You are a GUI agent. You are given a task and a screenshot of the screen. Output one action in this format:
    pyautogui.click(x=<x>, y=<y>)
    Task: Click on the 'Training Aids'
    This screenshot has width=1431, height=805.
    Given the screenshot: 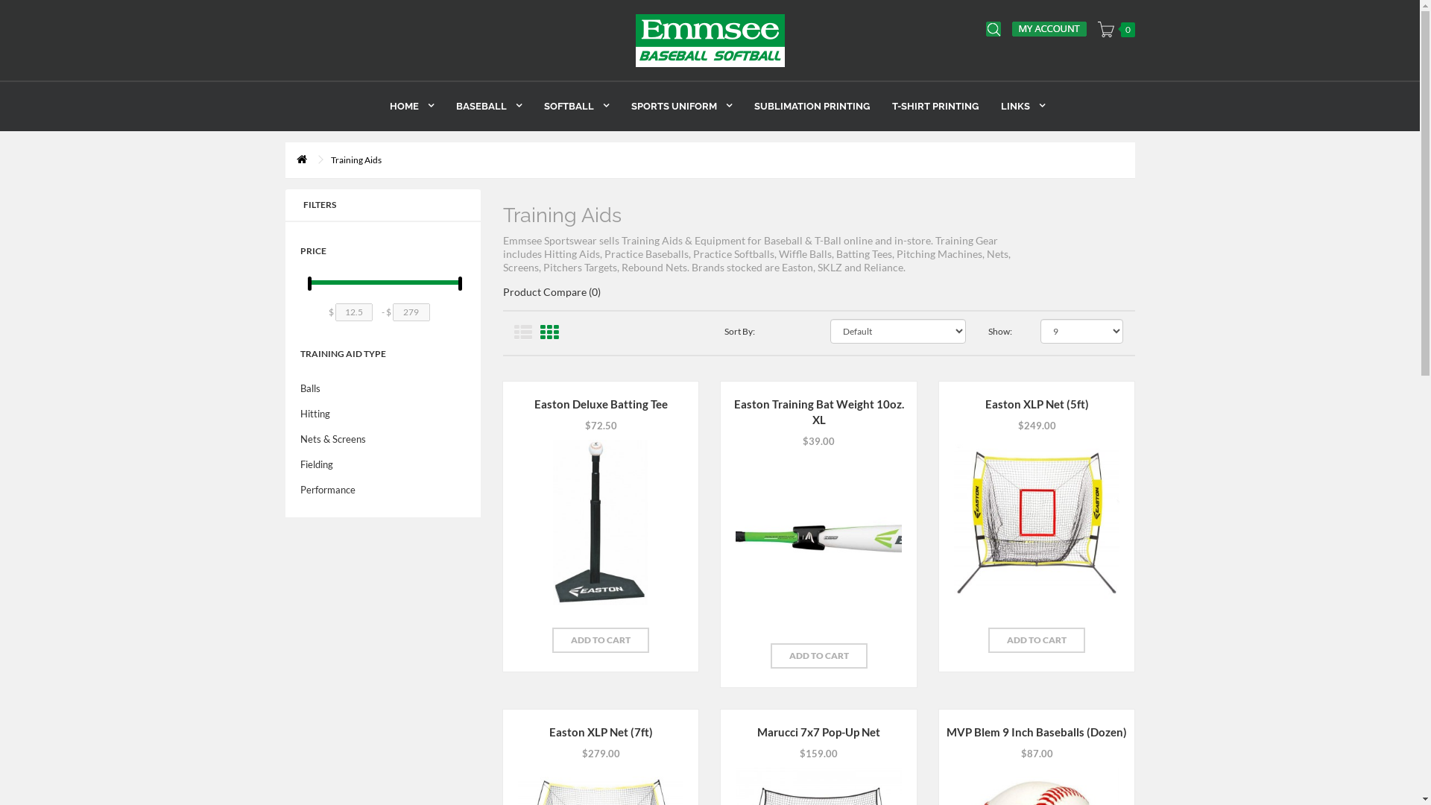 What is the action you would take?
    pyautogui.click(x=356, y=160)
    